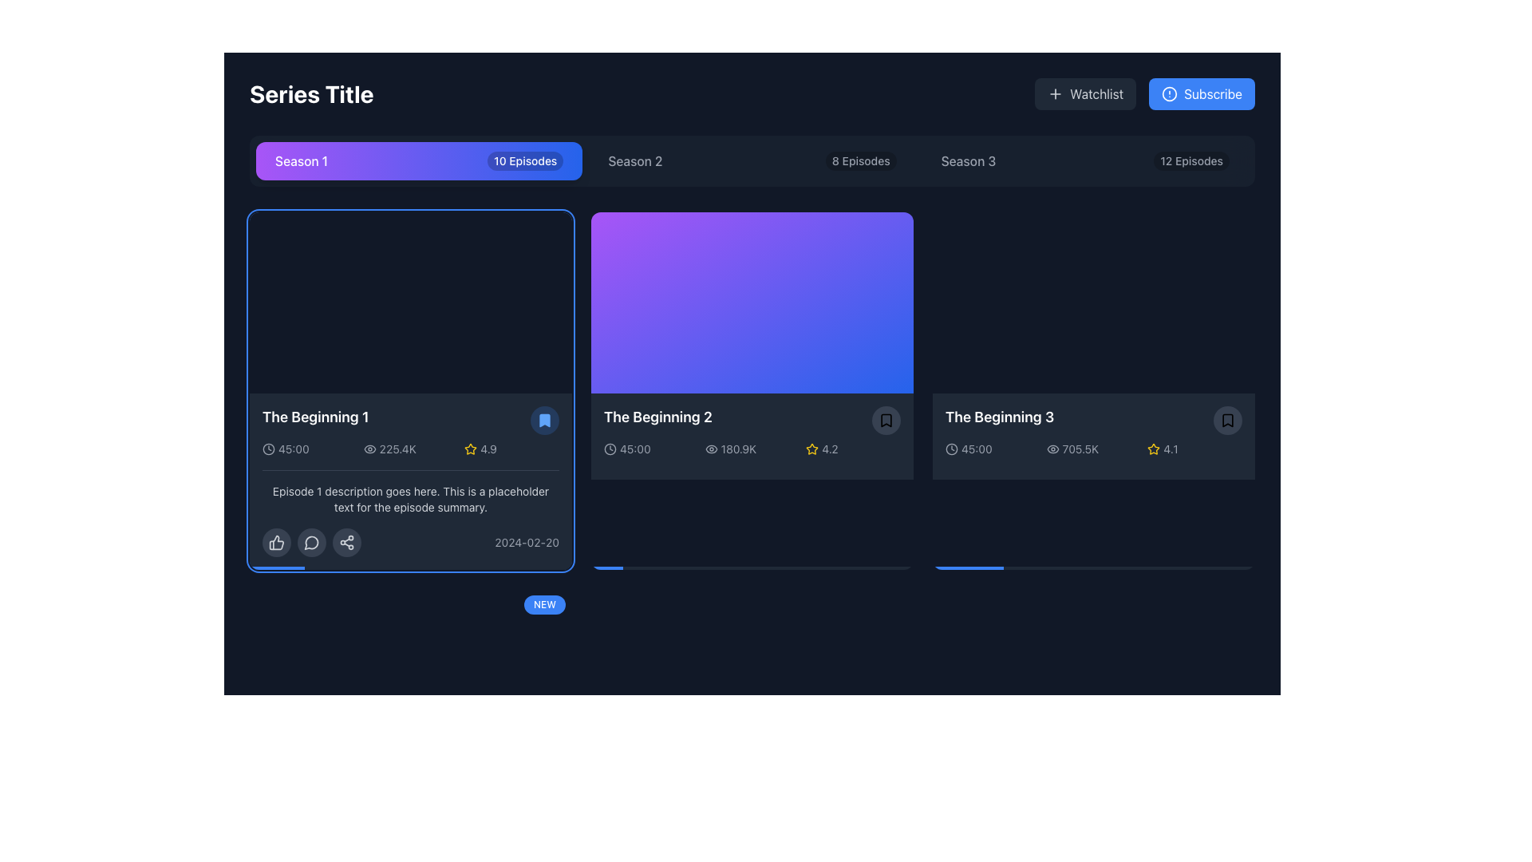  Describe the element at coordinates (634, 449) in the screenshot. I see `the Text label displaying the time duration ('45:00') for 'The Beginning 2' episode` at that location.